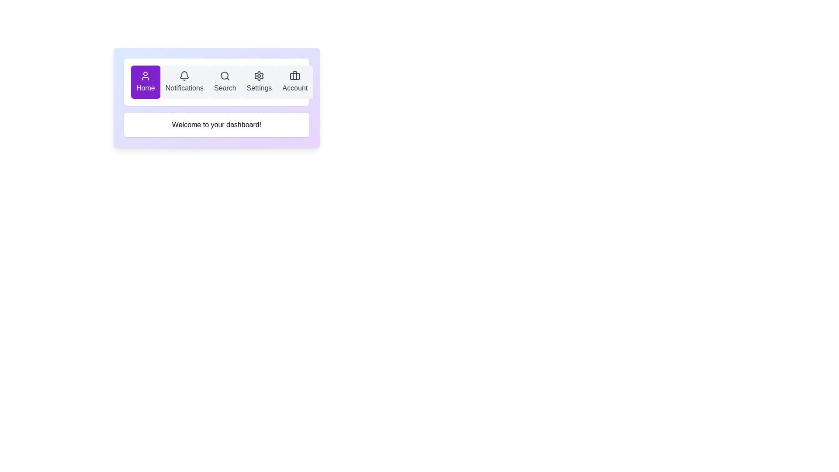 The height and width of the screenshot is (472, 839). What do you see at coordinates (216, 125) in the screenshot?
I see `the welcome text label located centrally below the navigation bar in the personal dashboard` at bounding box center [216, 125].